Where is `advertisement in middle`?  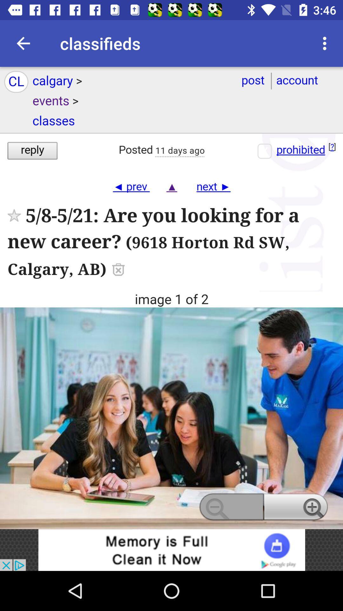
advertisement in middle is located at coordinates (171, 298).